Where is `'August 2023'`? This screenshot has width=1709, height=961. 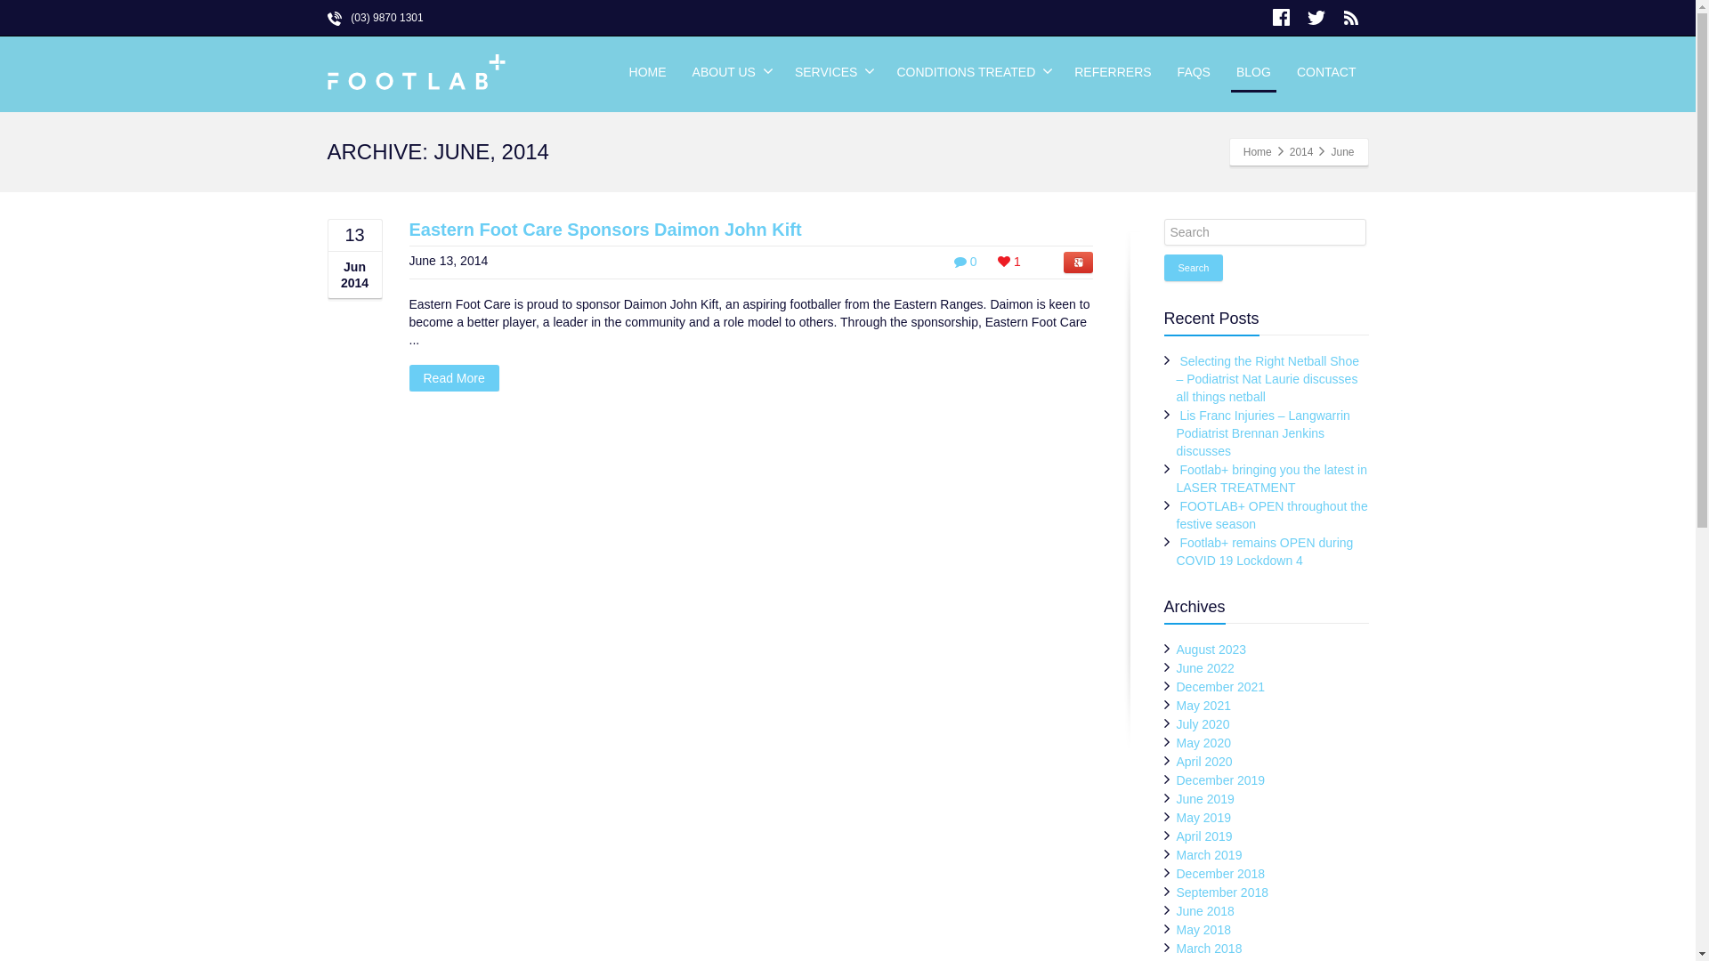 'August 2023' is located at coordinates (1176, 649).